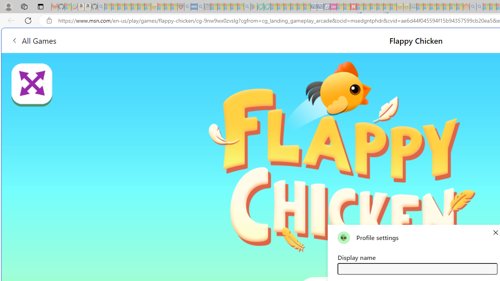 Image resolution: width=500 pixels, height=281 pixels. I want to click on 'Cheap Hotels - Save70.com - Sleeping', so click(320, 7).